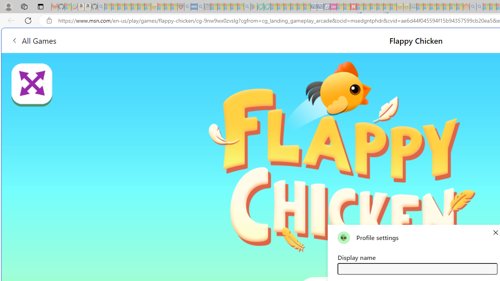 Image resolution: width=500 pixels, height=281 pixels. I want to click on 'Cheap Hotels - Save70.com - Sleeping', so click(320, 7).